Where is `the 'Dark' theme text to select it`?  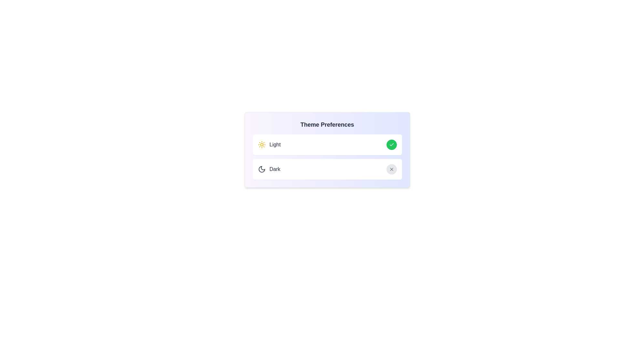
the 'Dark' theme text to select it is located at coordinates (274, 169).